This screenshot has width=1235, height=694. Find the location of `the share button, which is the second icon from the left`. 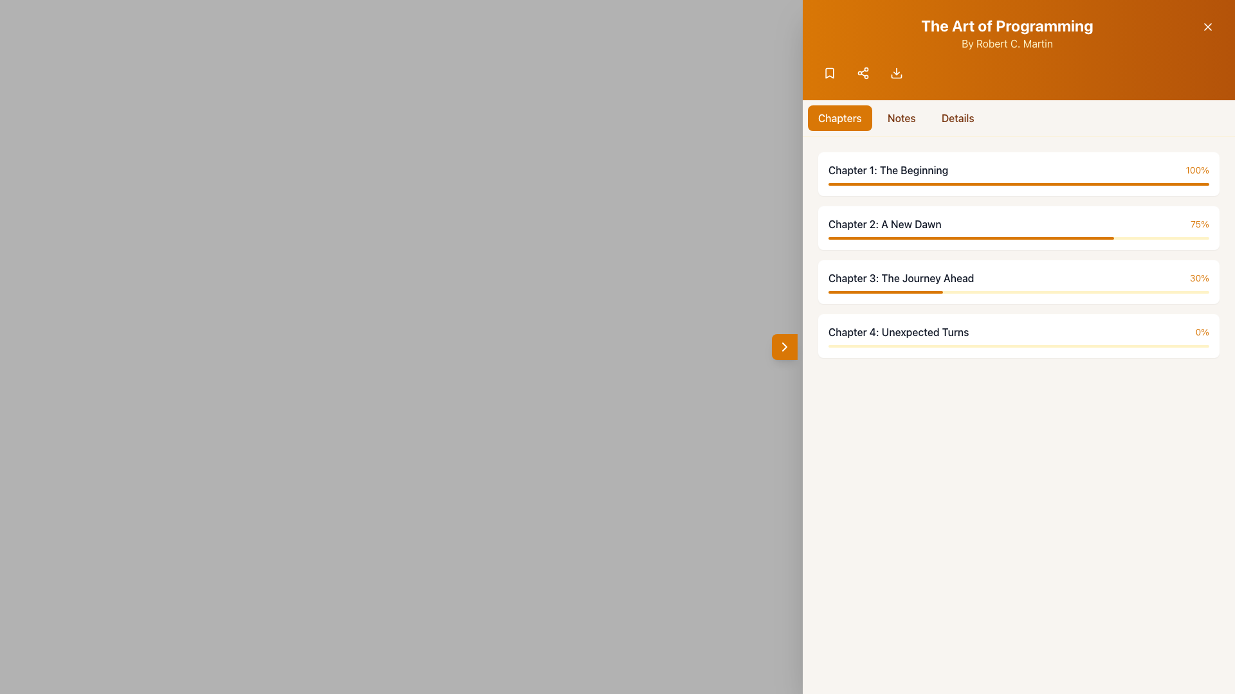

the share button, which is the second icon from the left is located at coordinates (863, 73).